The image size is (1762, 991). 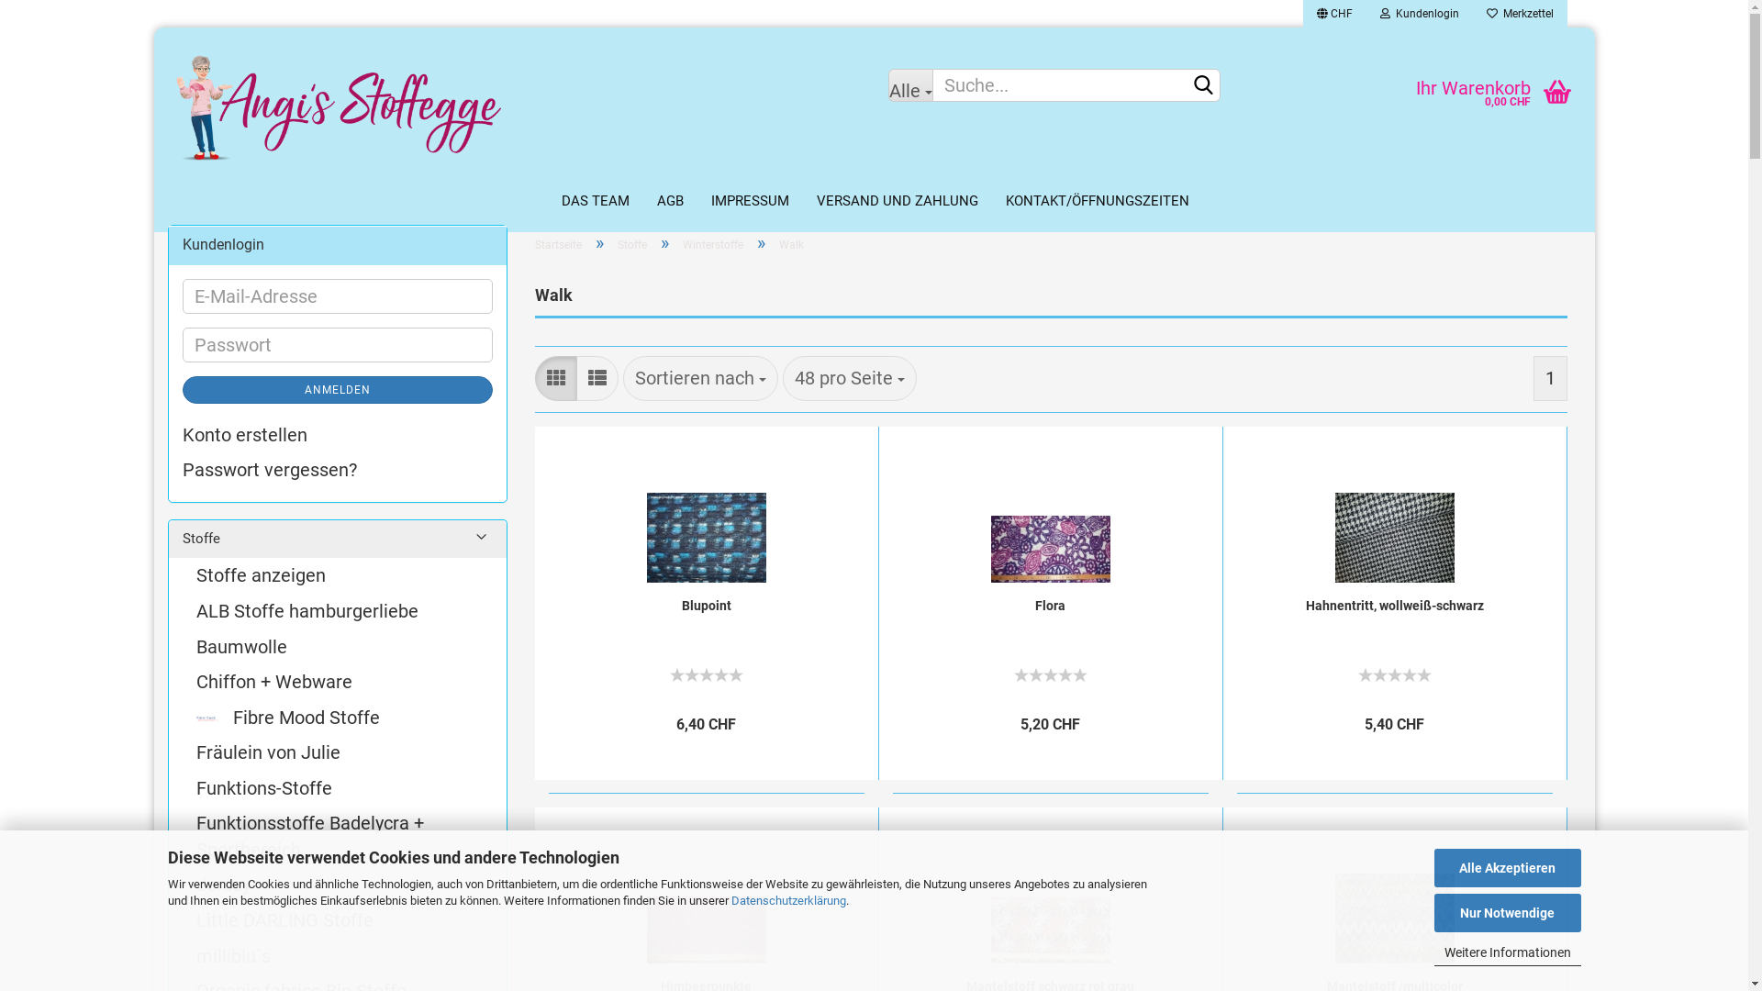 What do you see at coordinates (1506, 952) in the screenshot?
I see `'Weitere Informationen'` at bounding box center [1506, 952].